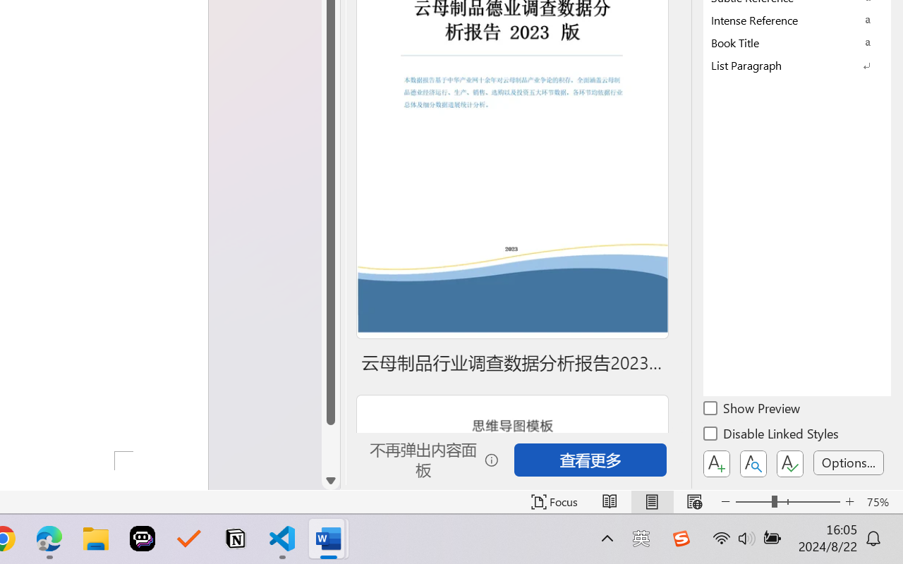  I want to click on 'Intense Reference', so click(797, 20).